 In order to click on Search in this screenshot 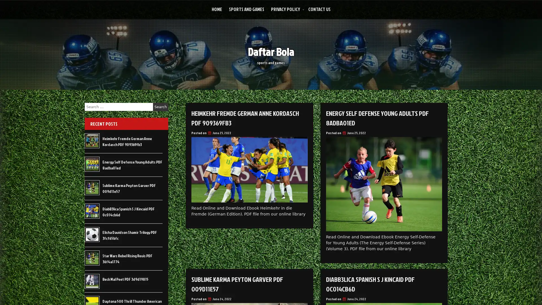, I will do `click(160, 107)`.